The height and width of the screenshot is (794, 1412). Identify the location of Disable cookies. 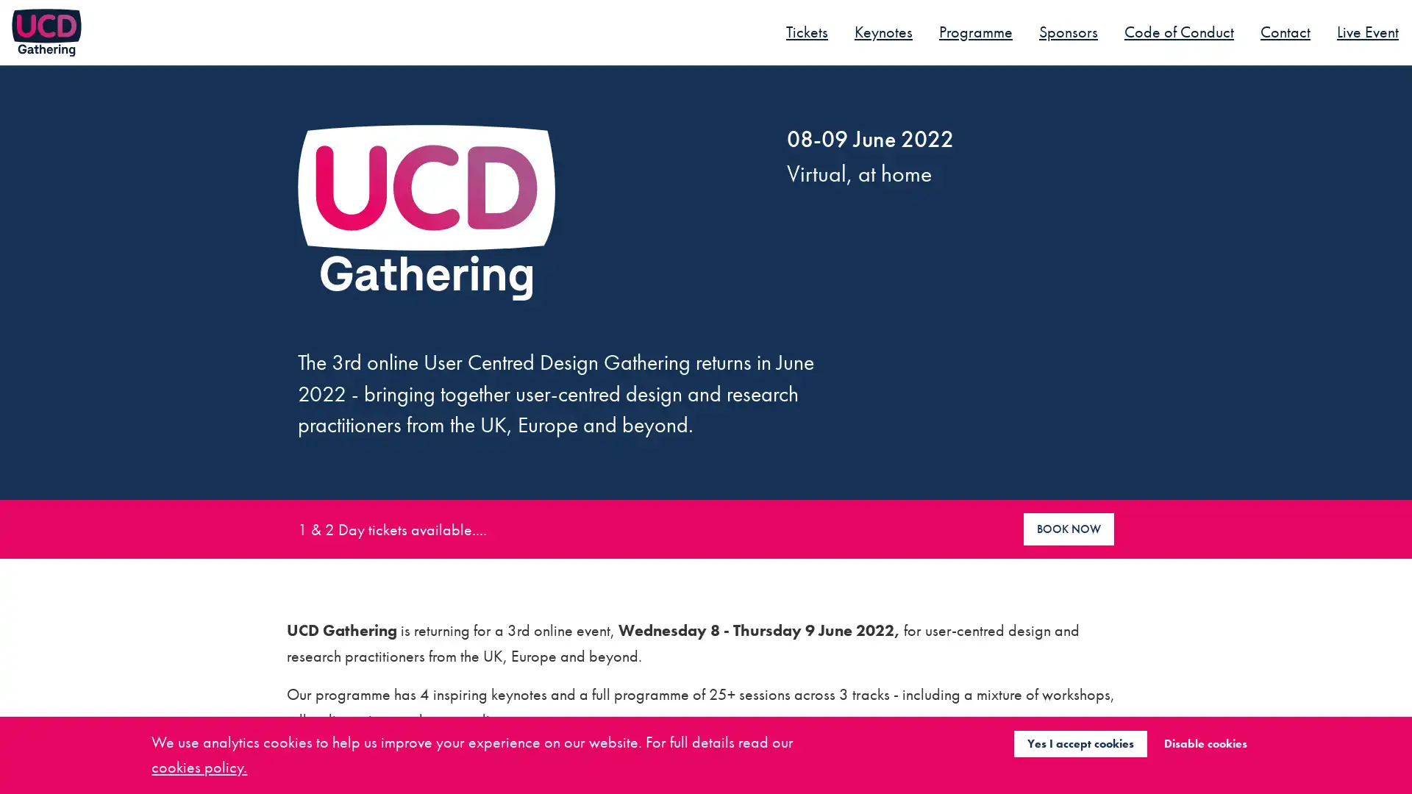
(1205, 743).